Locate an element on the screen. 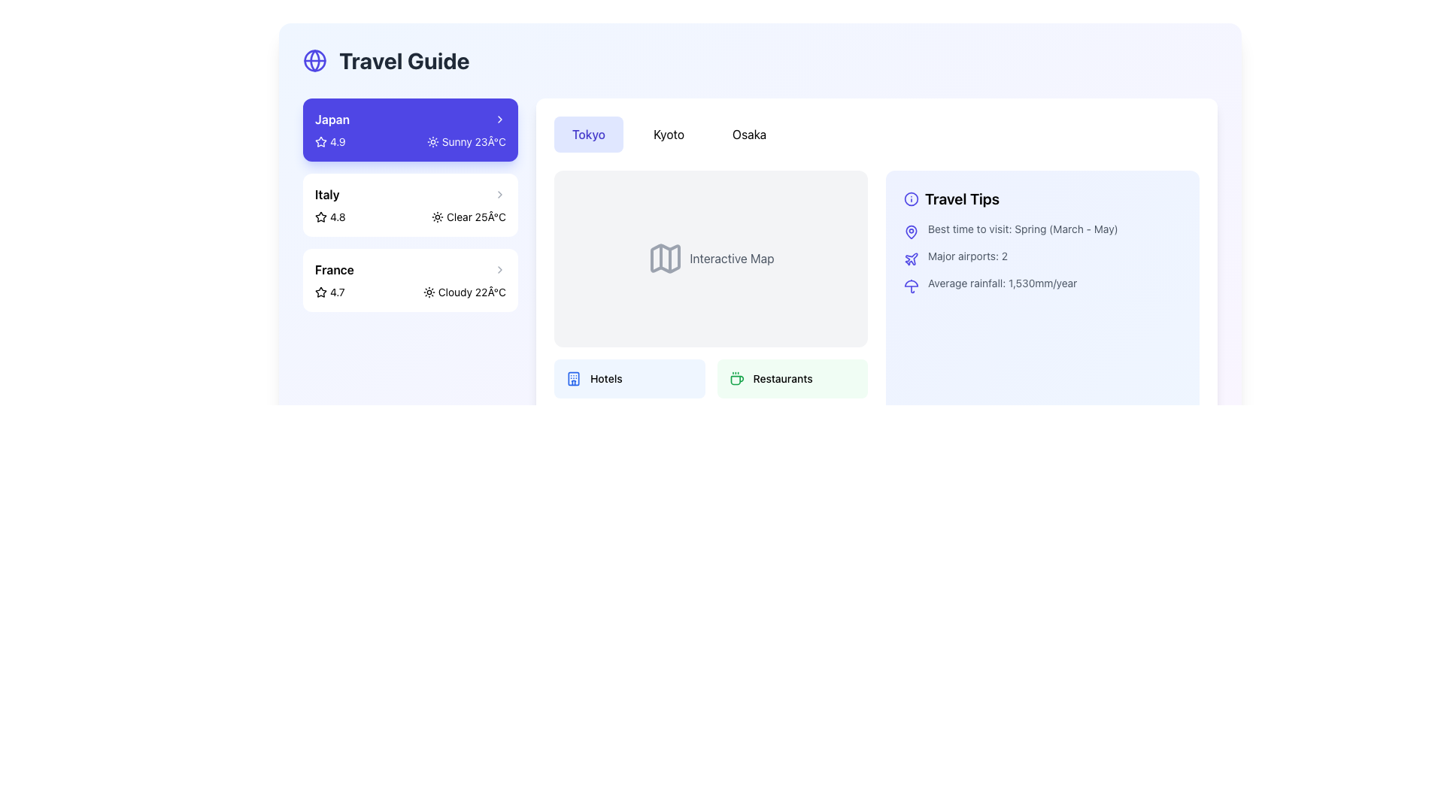  displayed user rating score and current weather conditions from the Informative data display located at the bottom right corner of the 'France' card element is located at coordinates (411, 292).